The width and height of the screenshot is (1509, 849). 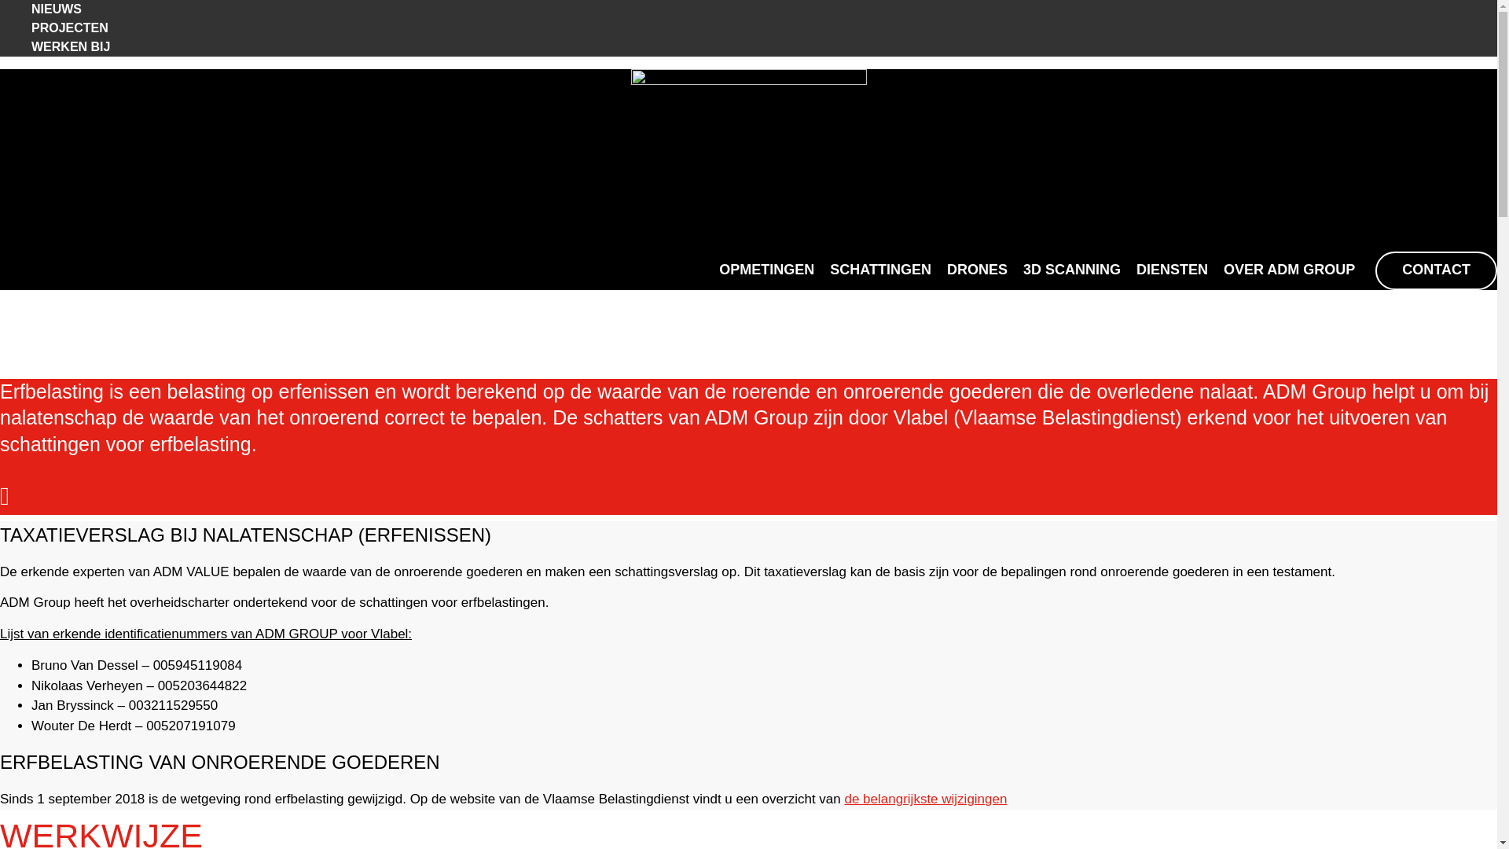 What do you see at coordinates (31, 46) in the screenshot?
I see `'WERKEN BIJ'` at bounding box center [31, 46].